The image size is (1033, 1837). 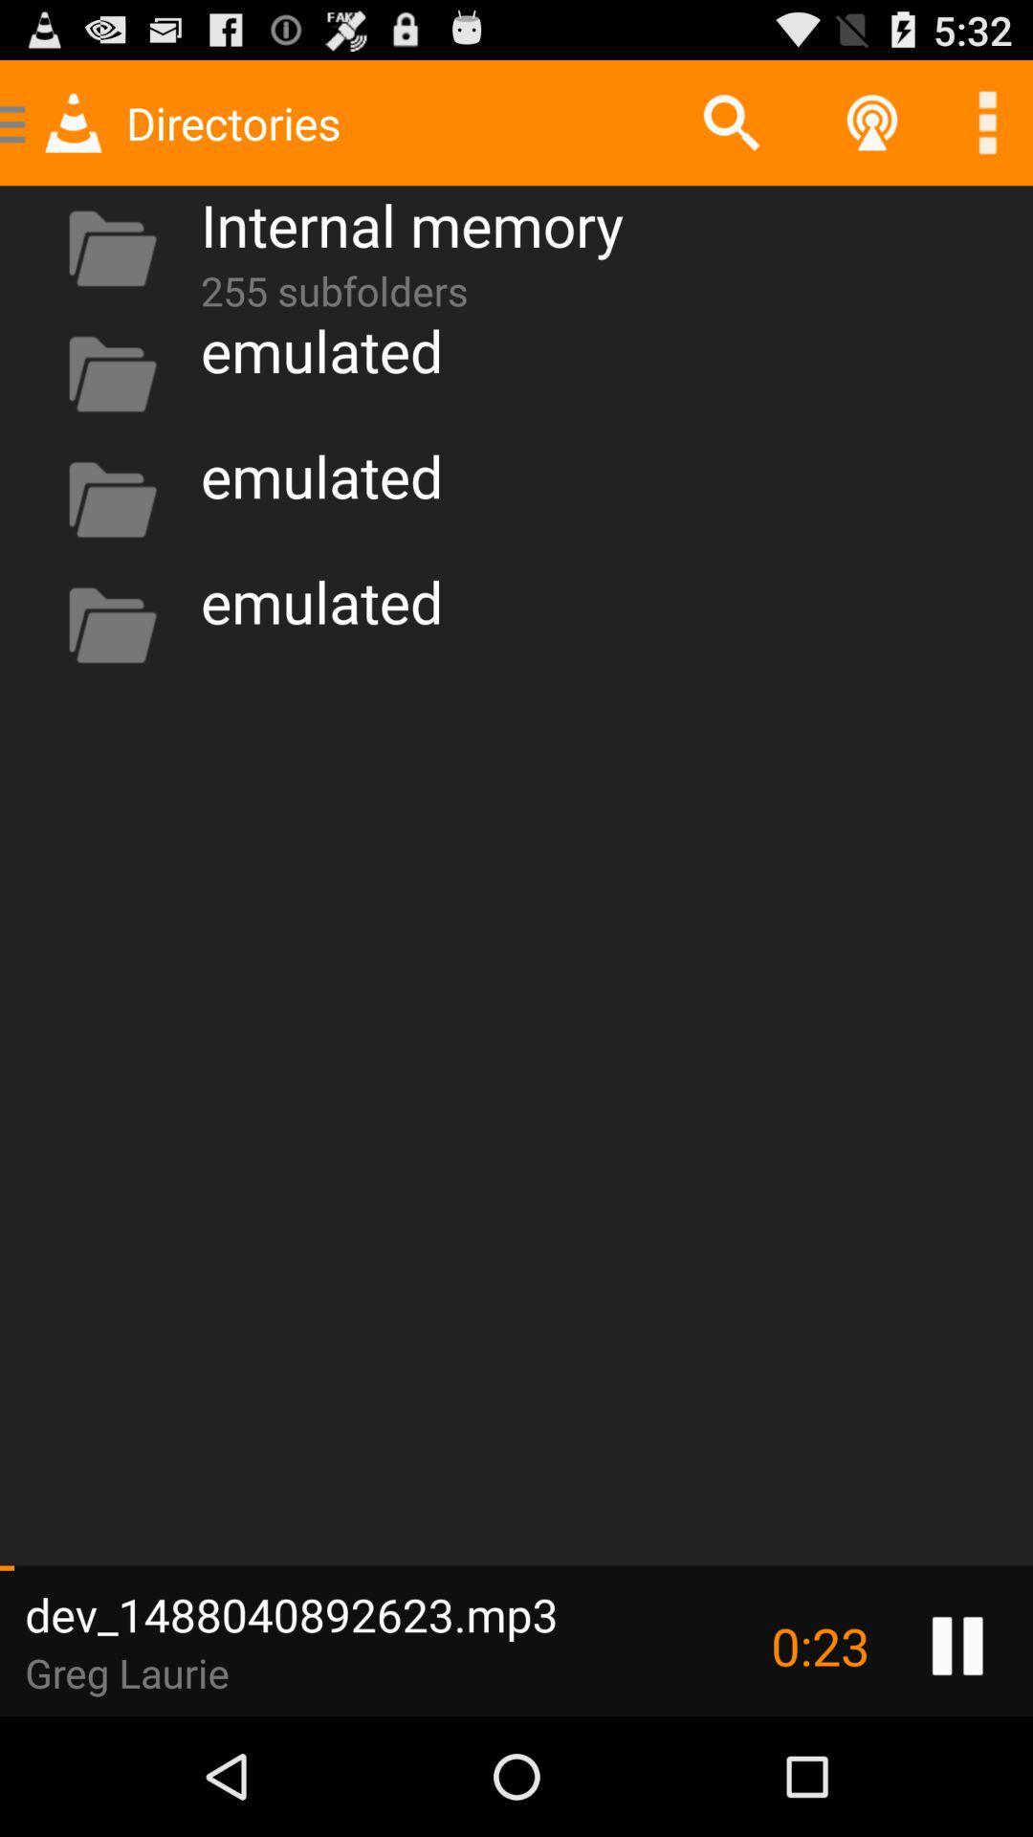 I want to click on icon next to the internal memory app, so click(x=731, y=122).